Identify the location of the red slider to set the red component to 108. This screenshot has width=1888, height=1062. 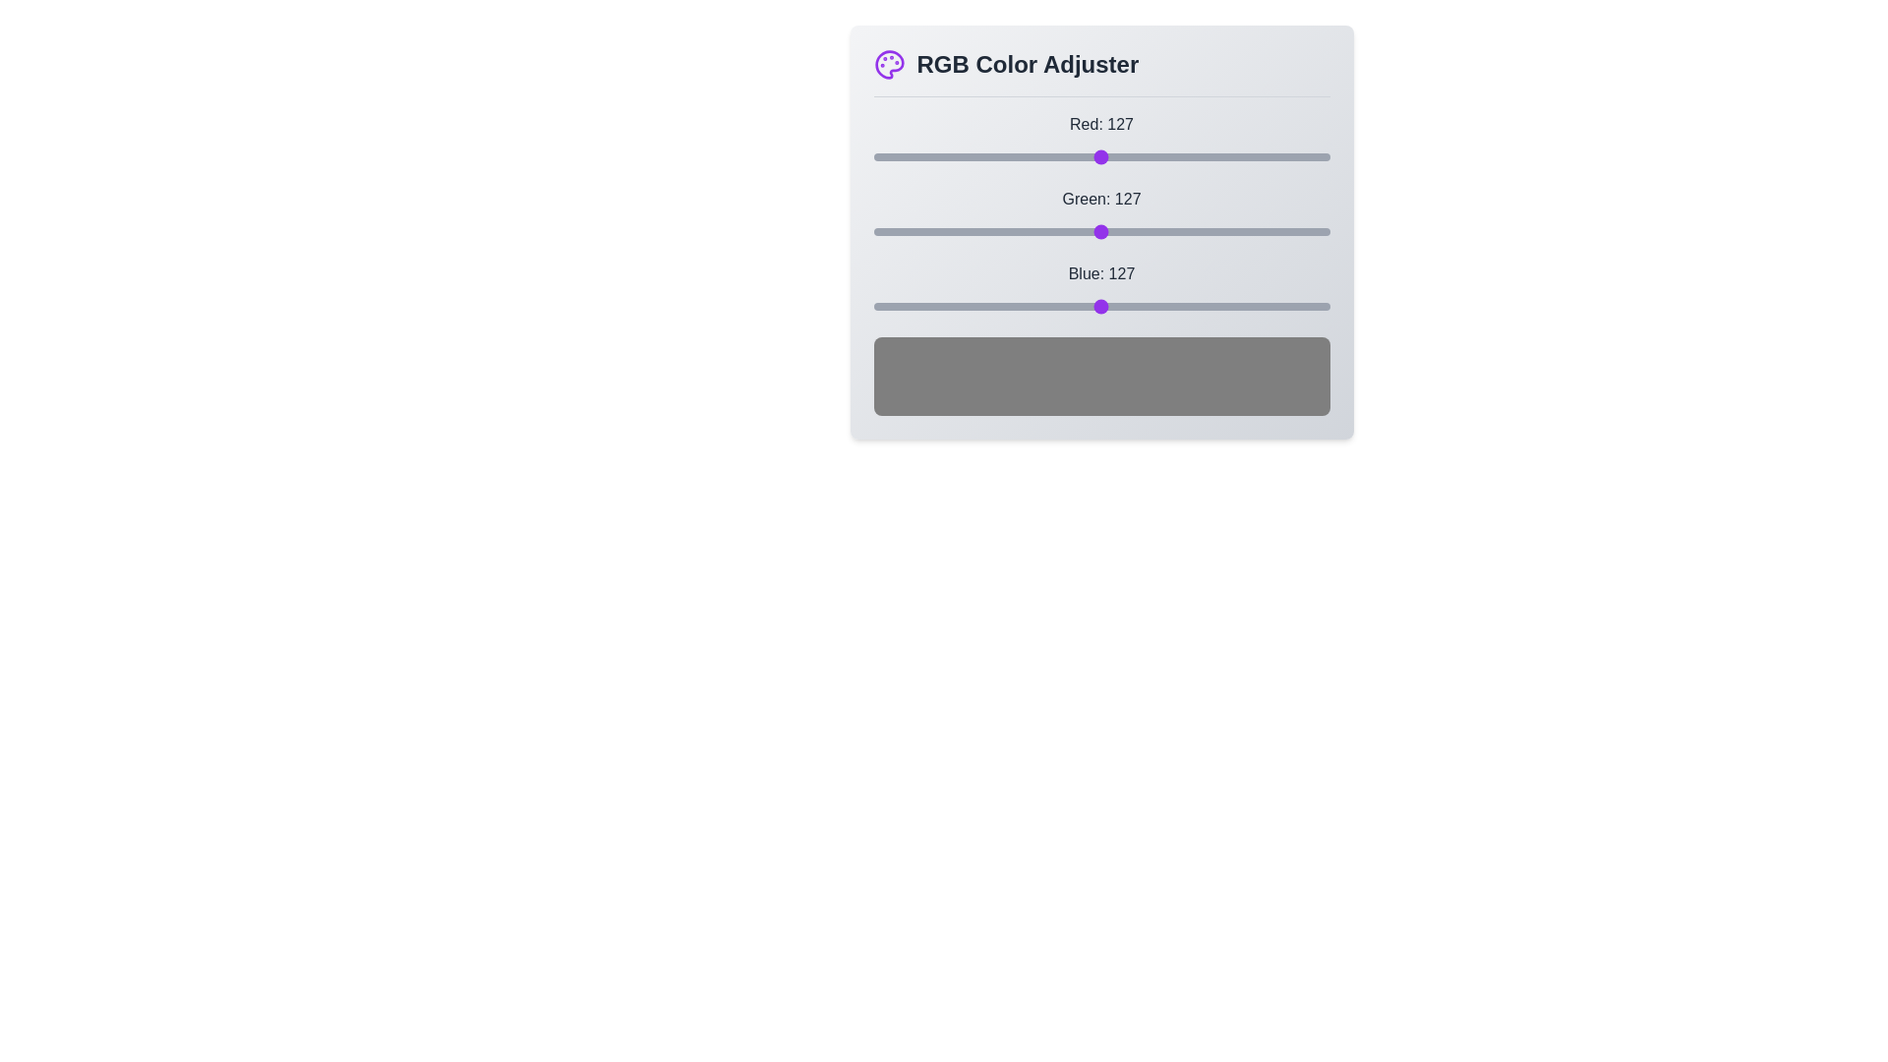
(1065, 155).